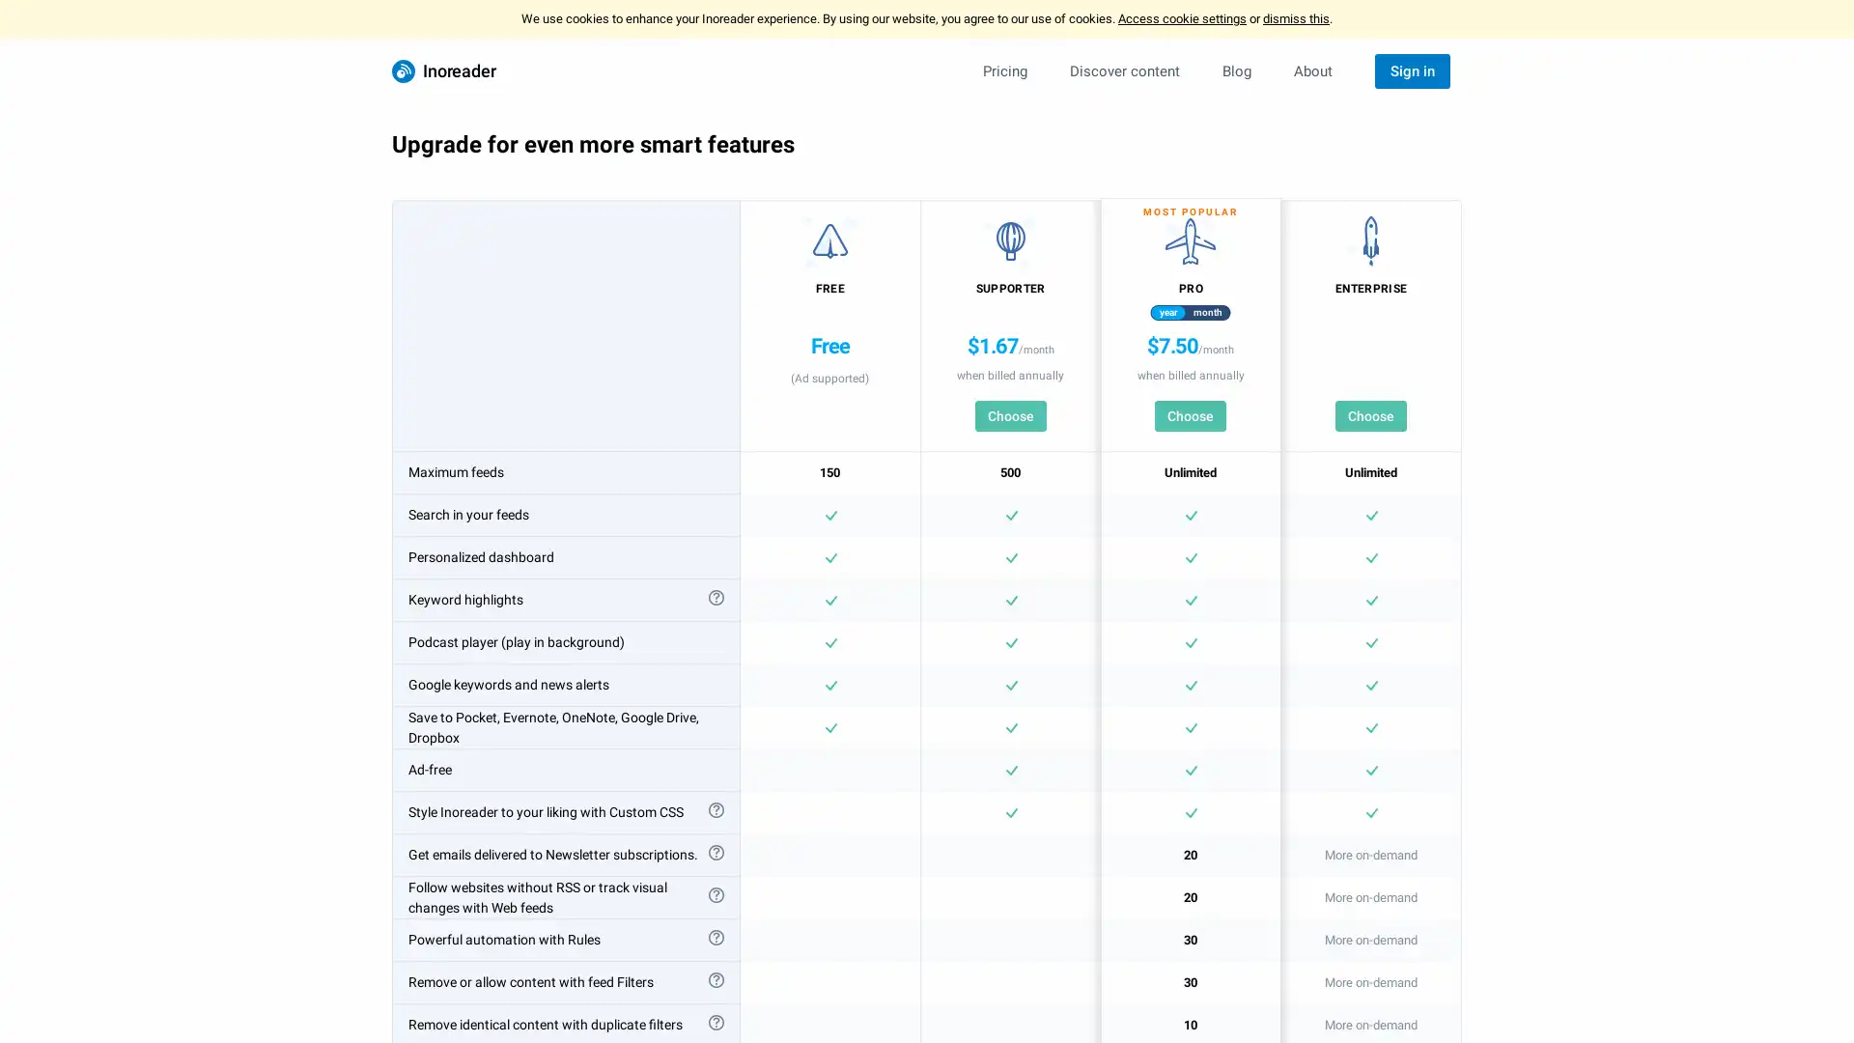  What do you see at coordinates (1190, 415) in the screenshot?
I see `Choose` at bounding box center [1190, 415].